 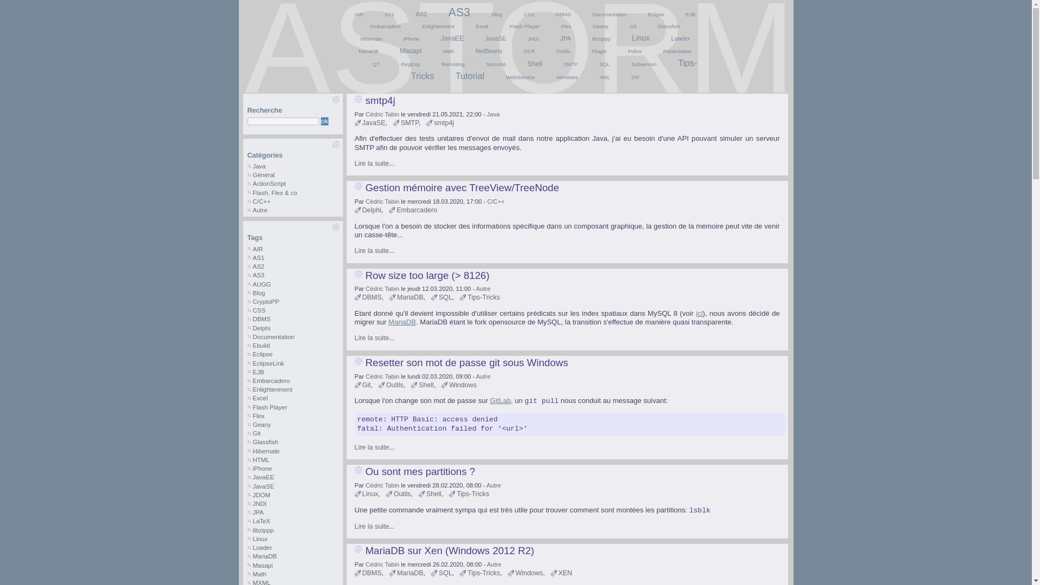 What do you see at coordinates (643, 64) in the screenshot?
I see `'Subversion'` at bounding box center [643, 64].